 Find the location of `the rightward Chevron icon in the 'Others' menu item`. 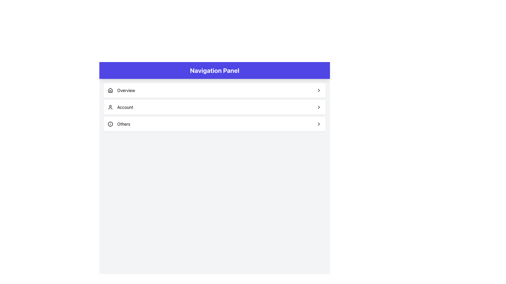

the rightward Chevron icon in the 'Others' menu item is located at coordinates (318, 124).